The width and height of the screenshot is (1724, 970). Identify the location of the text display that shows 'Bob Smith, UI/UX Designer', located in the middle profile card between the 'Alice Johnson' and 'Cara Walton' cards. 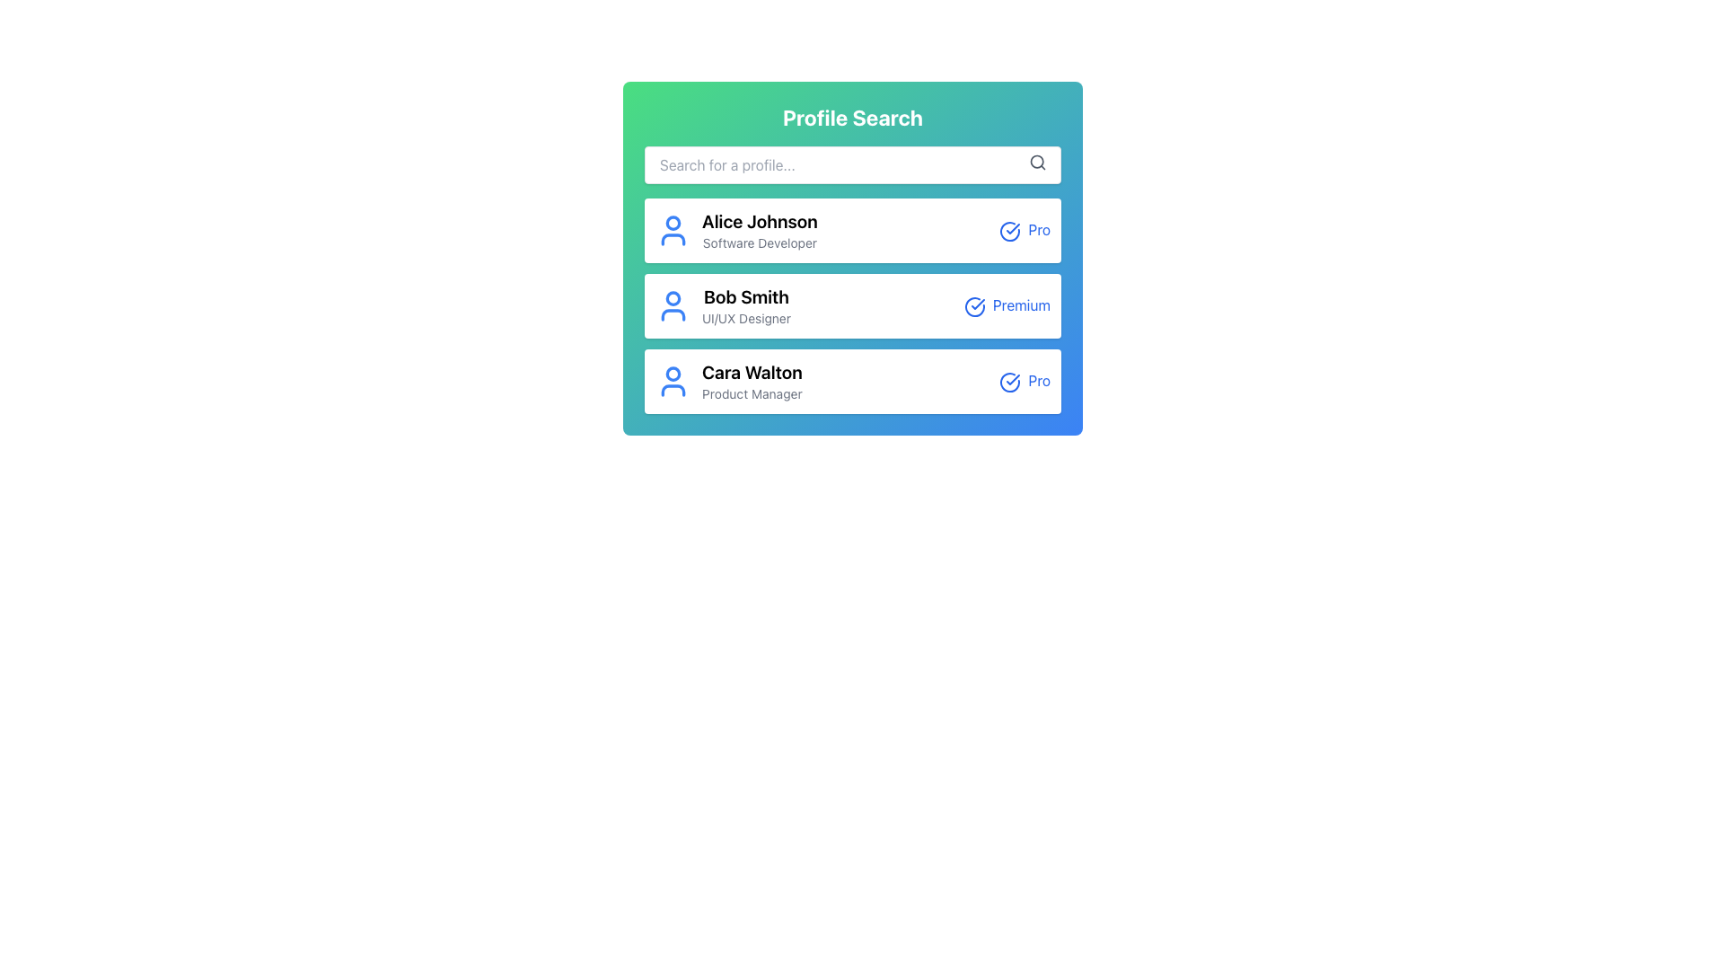
(746, 304).